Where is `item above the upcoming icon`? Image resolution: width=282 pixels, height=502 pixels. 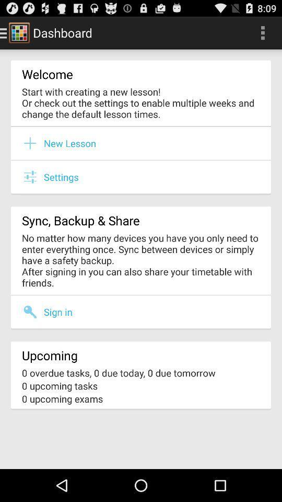 item above the upcoming icon is located at coordinates (33, 312).